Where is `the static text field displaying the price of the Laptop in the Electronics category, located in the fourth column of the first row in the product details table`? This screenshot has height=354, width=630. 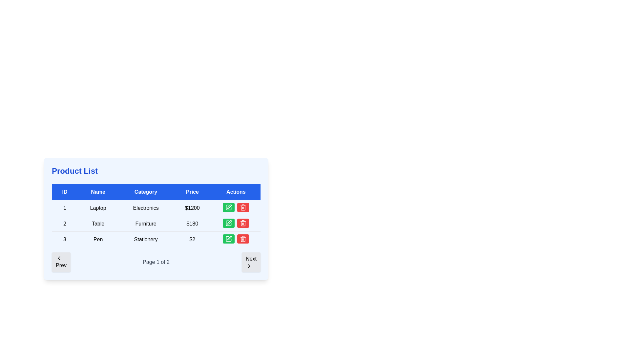
the static text field displaying the price of the Laptop in the Electronics category, located in the fourth column of the first row in the product details table is located at coordinates (192, 208).